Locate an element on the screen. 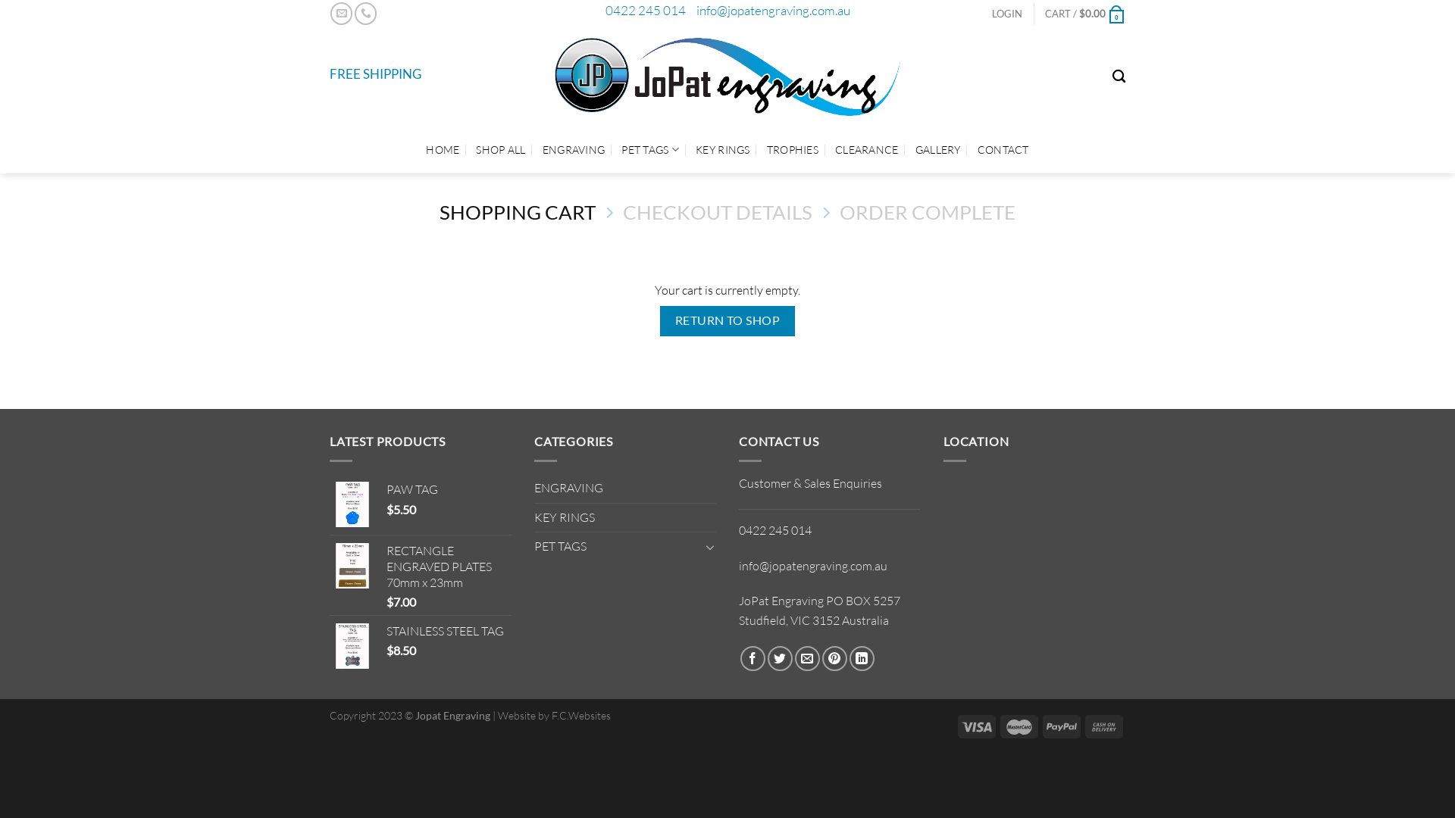 The image size is (1455, 818). '0422 245 014' is located at coordinates (644, 10).